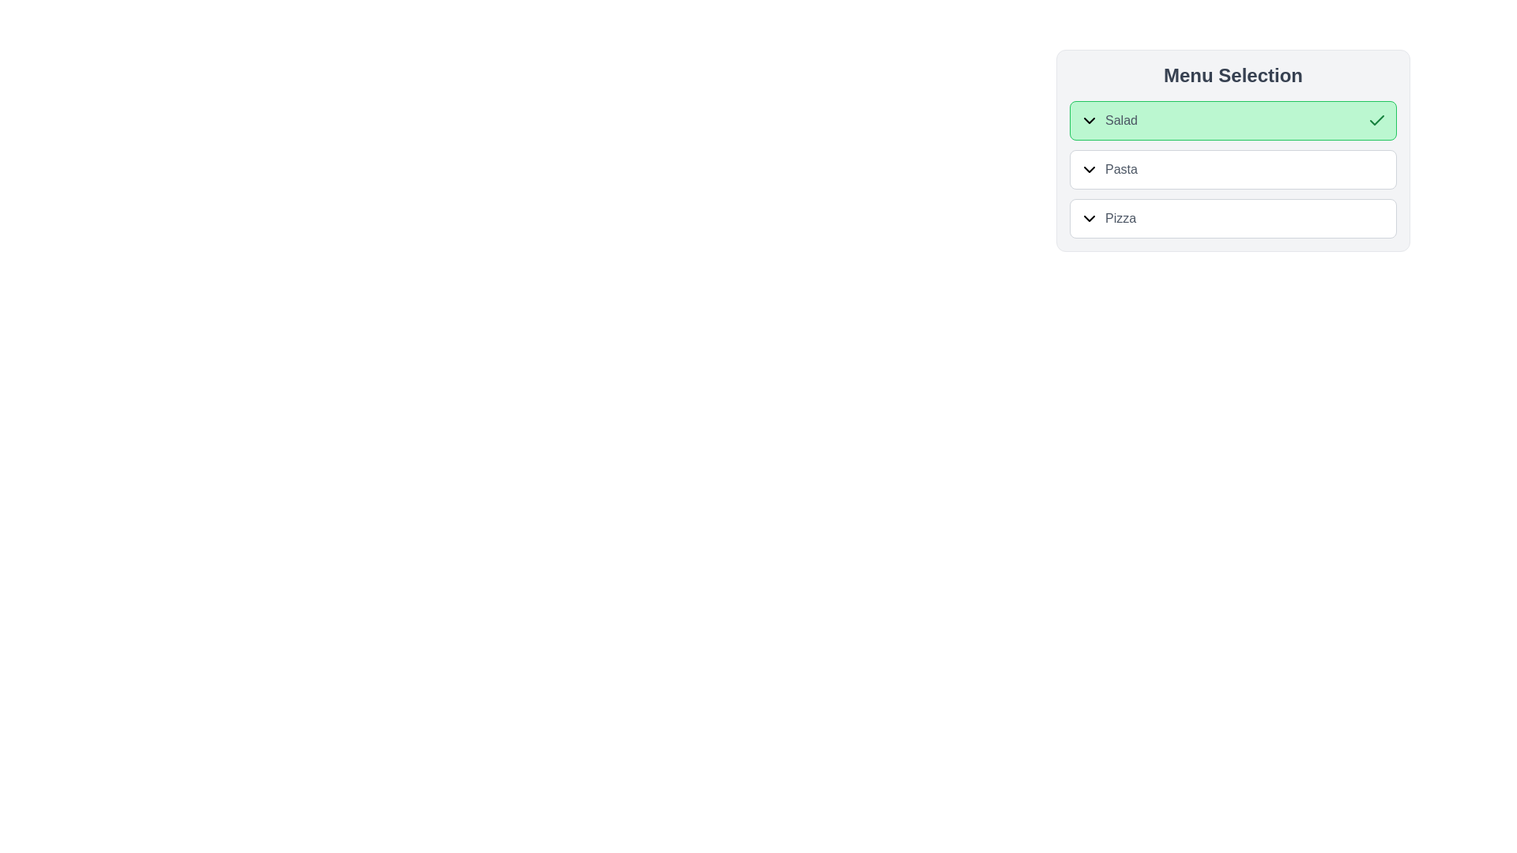  What do you see at coordinates (1232, 151) in the screenshot?
I see `the 'Salad' item in the menu options section` at bounding box center [1232, 151].